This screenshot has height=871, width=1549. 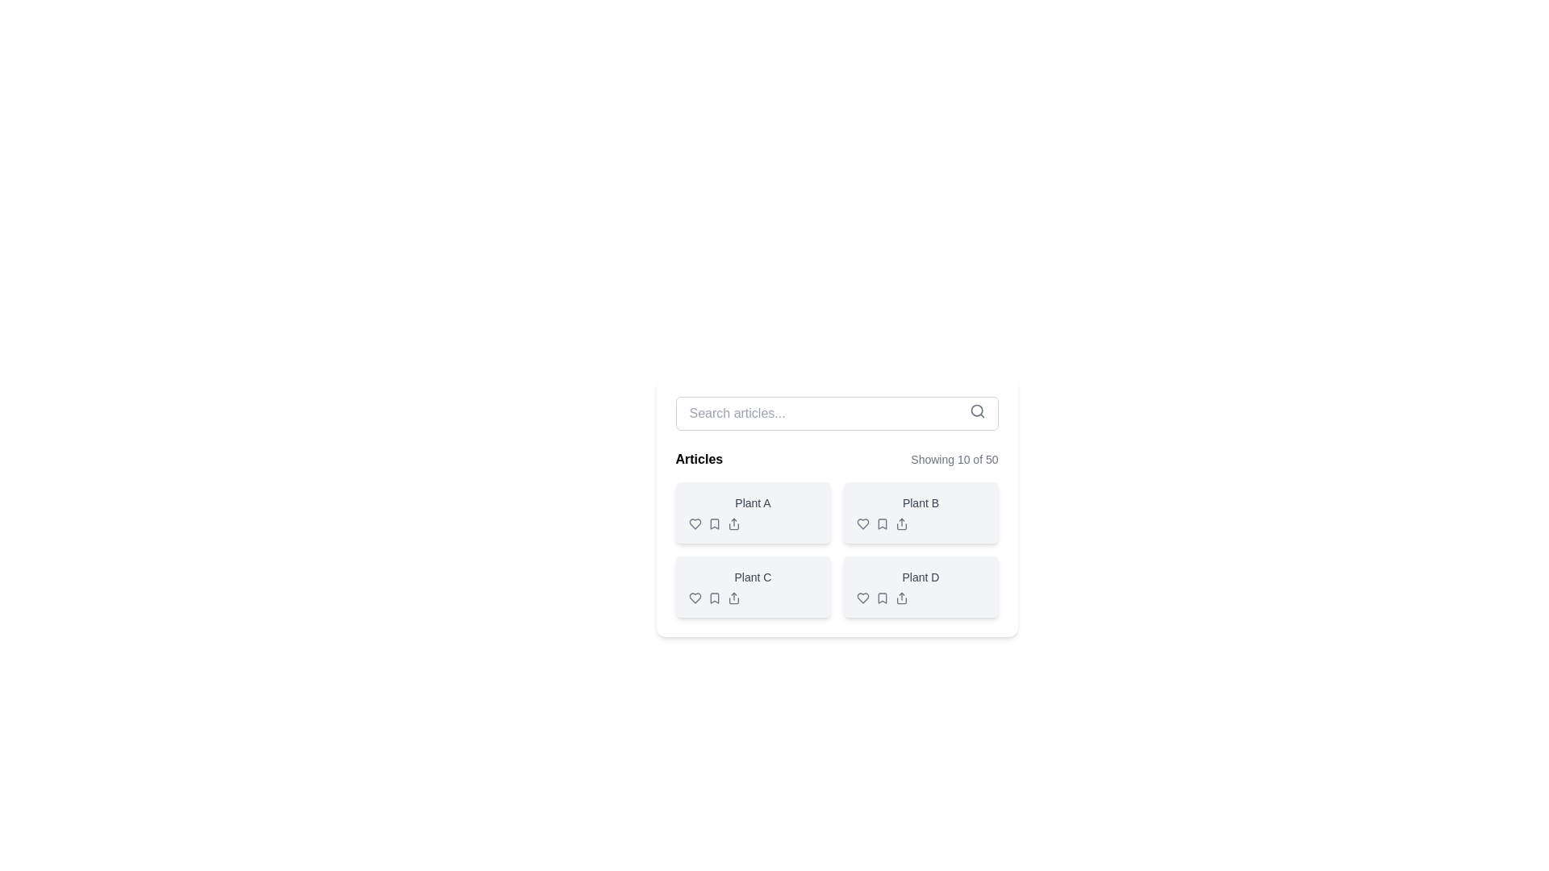 I want to click on the favorite icon located in the bottom-right card labeled 'Plant D', which is the first icon from the left in the icon row, so click(x=862, y=598).